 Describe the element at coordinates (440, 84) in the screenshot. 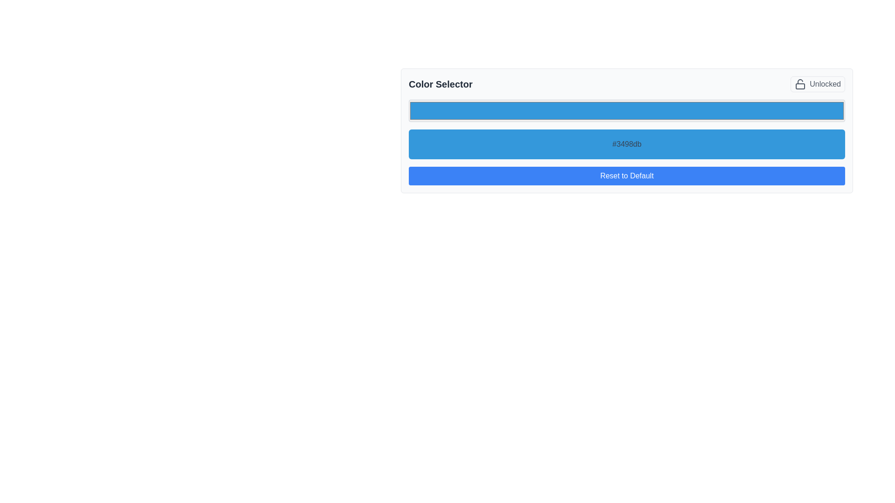

I see `the text label that serves as a title for the color selection section, located to the left of the 'Unlocked' button` at that location.